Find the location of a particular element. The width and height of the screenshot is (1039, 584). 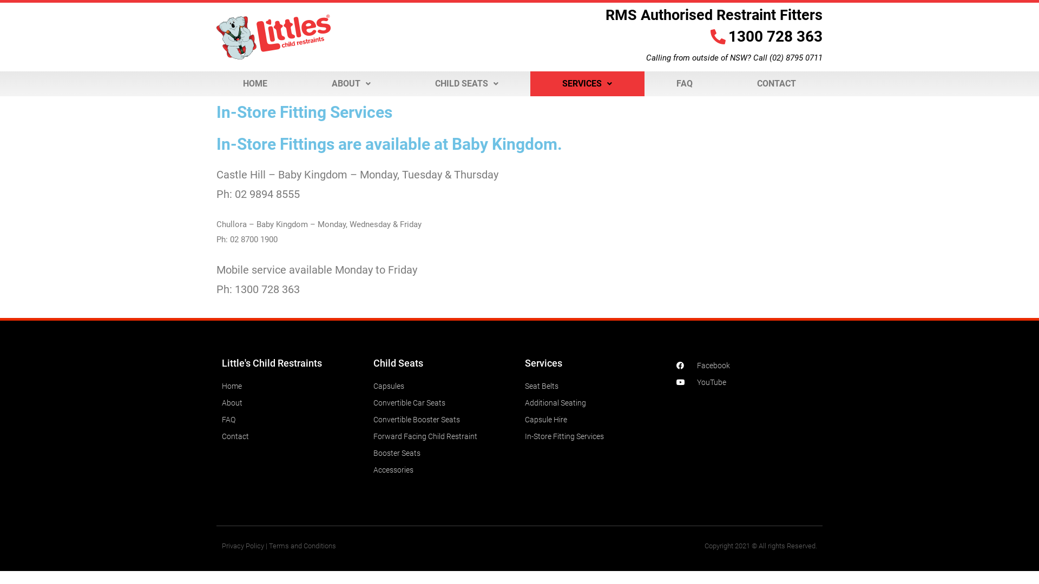

'Capsule Hire' is located at coordinates (524, 419).